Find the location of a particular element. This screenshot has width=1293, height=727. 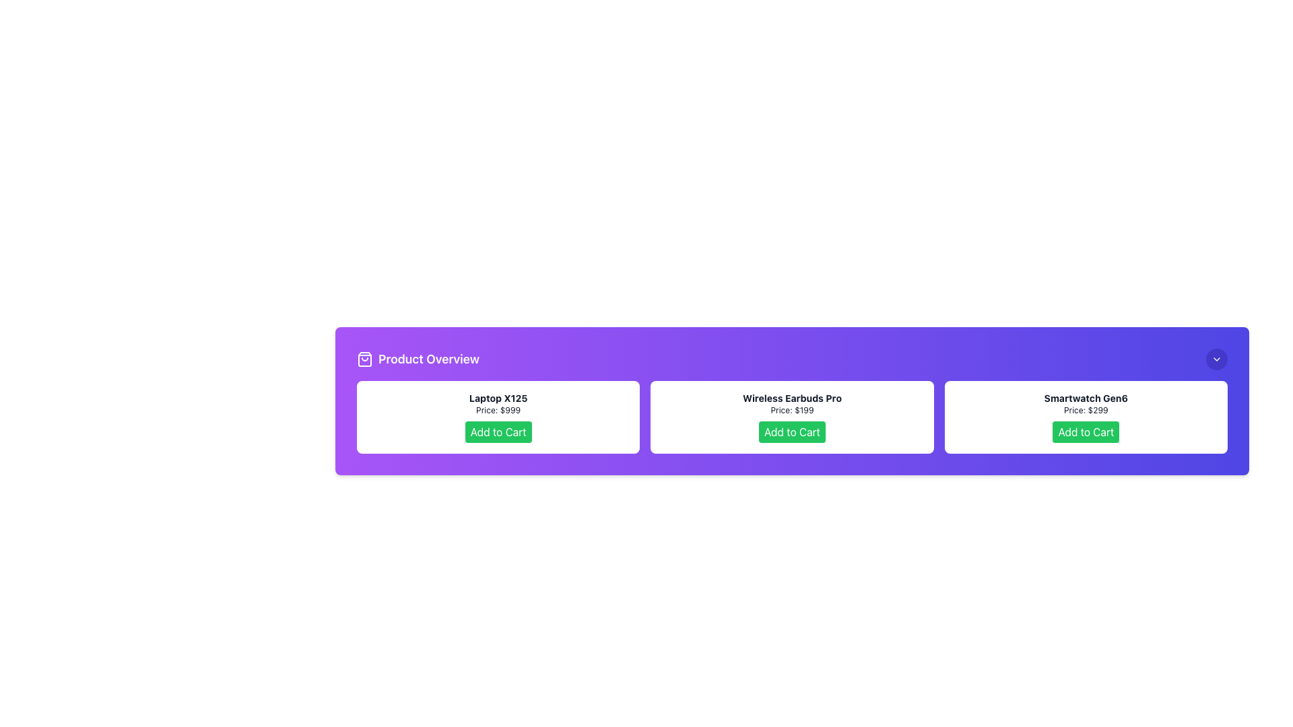

the shopping icon located to the left of the 'Product Overview' header section, which signifies a shopping-related function is located at coordinates (365, 358).